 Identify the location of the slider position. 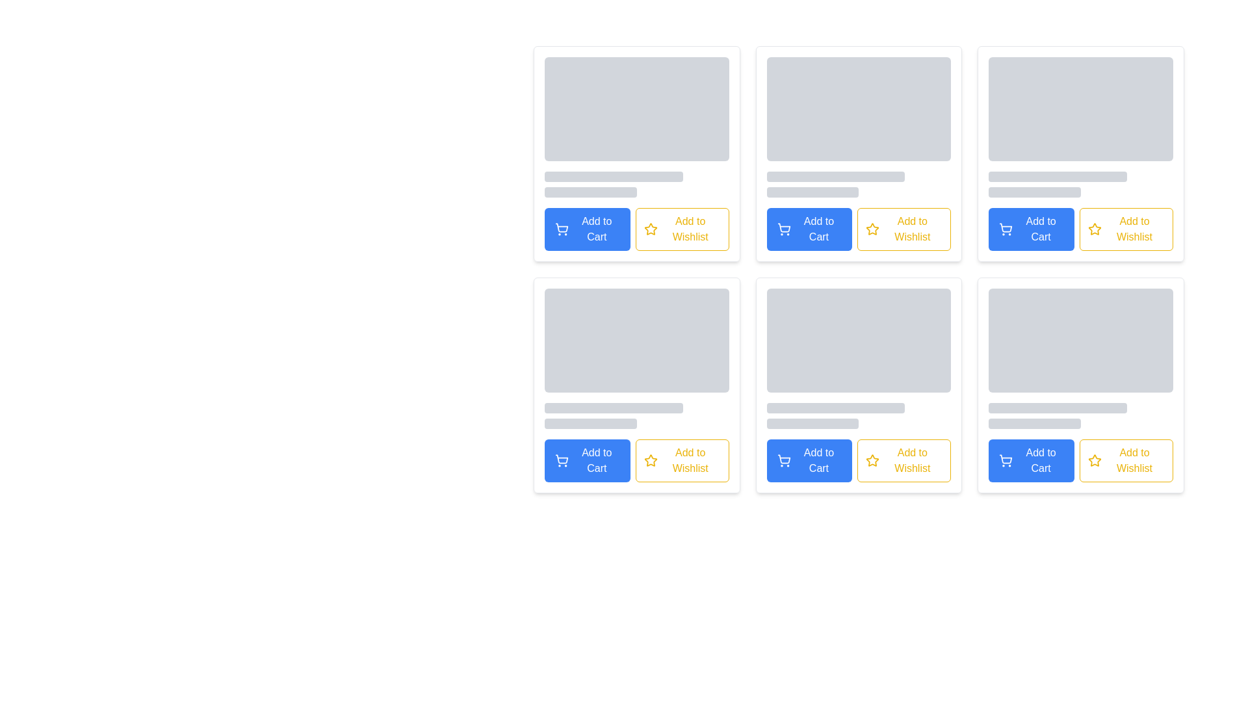
(830, 423).